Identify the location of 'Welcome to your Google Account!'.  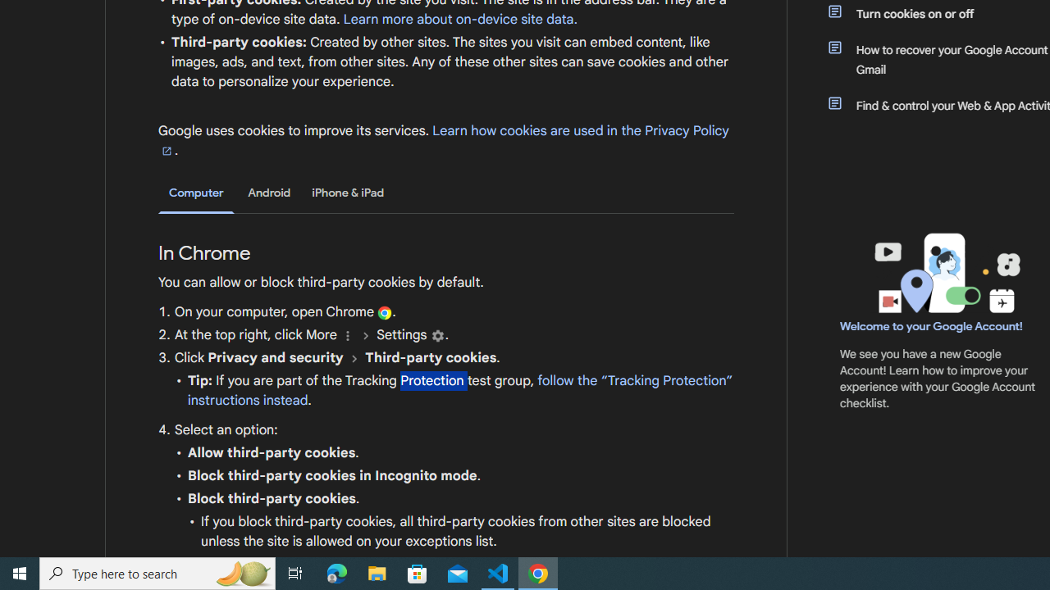
(931, 325).